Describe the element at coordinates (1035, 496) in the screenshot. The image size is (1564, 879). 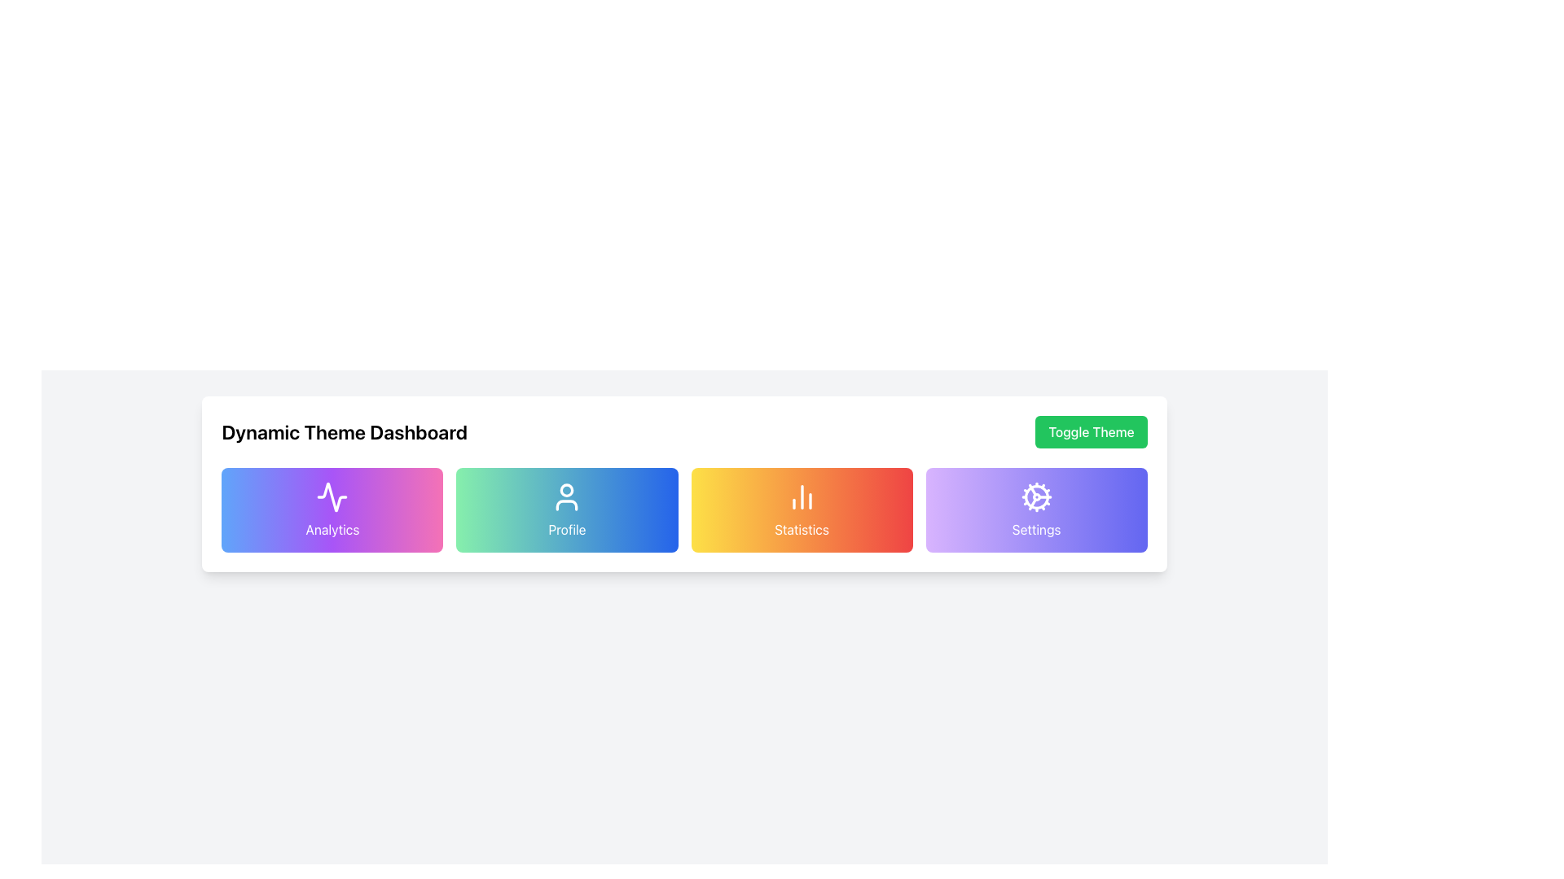
I see `the center of the cog or gear icon, which represents the 'Settings' option in the menu at the bottom of the card` at that location.